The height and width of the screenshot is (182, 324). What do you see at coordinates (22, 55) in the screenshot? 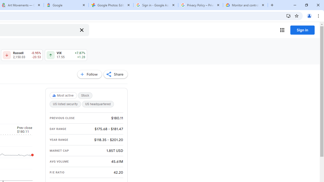
I see `'Russell 2,150.03 Down by 0.95% -20.53'` at bounding box center [22, 55].